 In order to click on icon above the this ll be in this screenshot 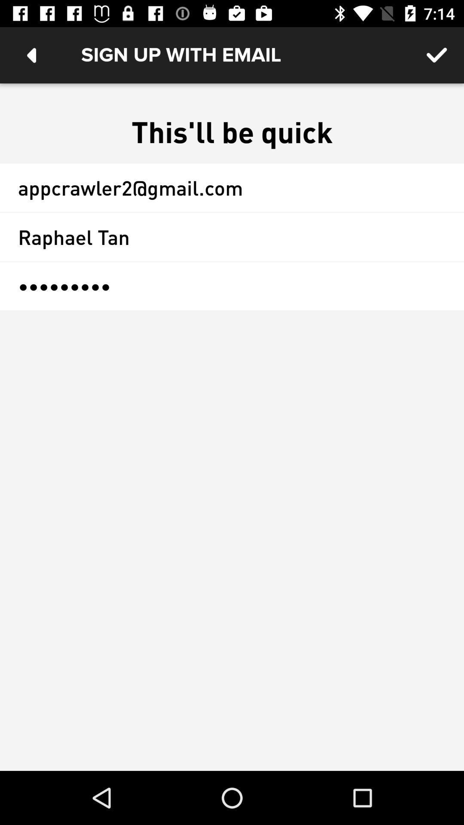, I will do `click(437, 55)`.